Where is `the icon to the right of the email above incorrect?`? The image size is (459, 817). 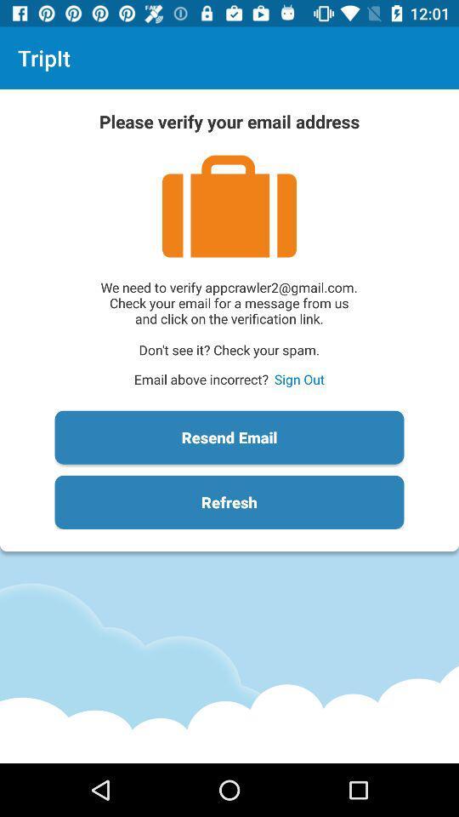 the icon to the right of the email above incorrect? is located at coordinates (298, 379).